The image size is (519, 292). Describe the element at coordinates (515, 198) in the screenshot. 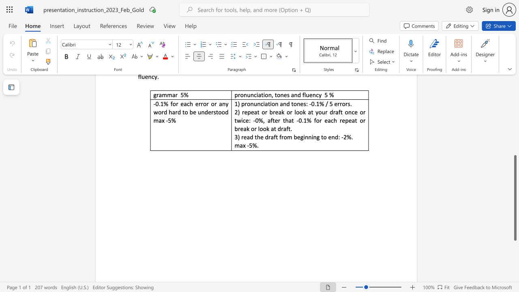

I see `the scrollbar and move down 160 pixels` at that location.